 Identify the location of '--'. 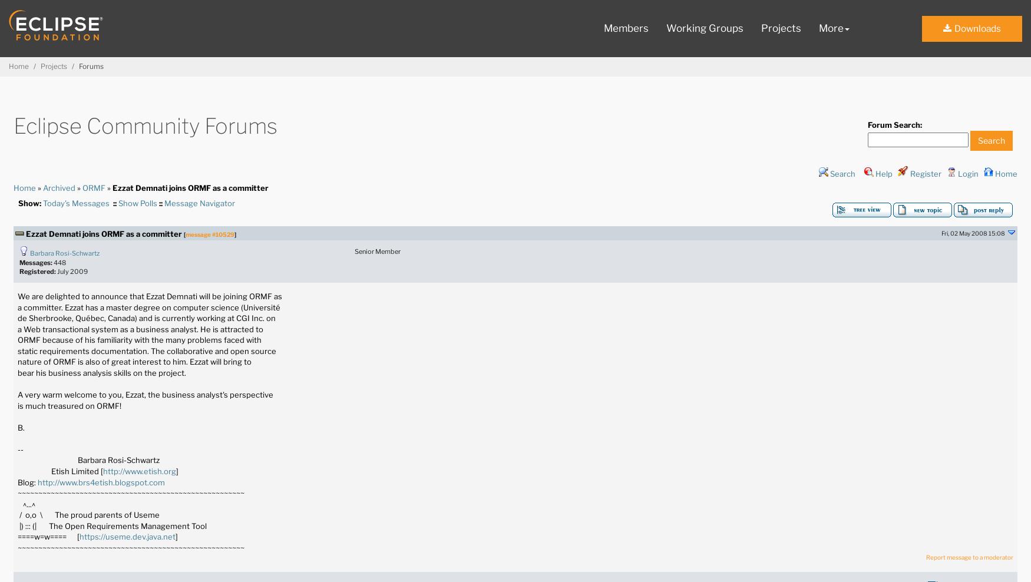
(19, 448).